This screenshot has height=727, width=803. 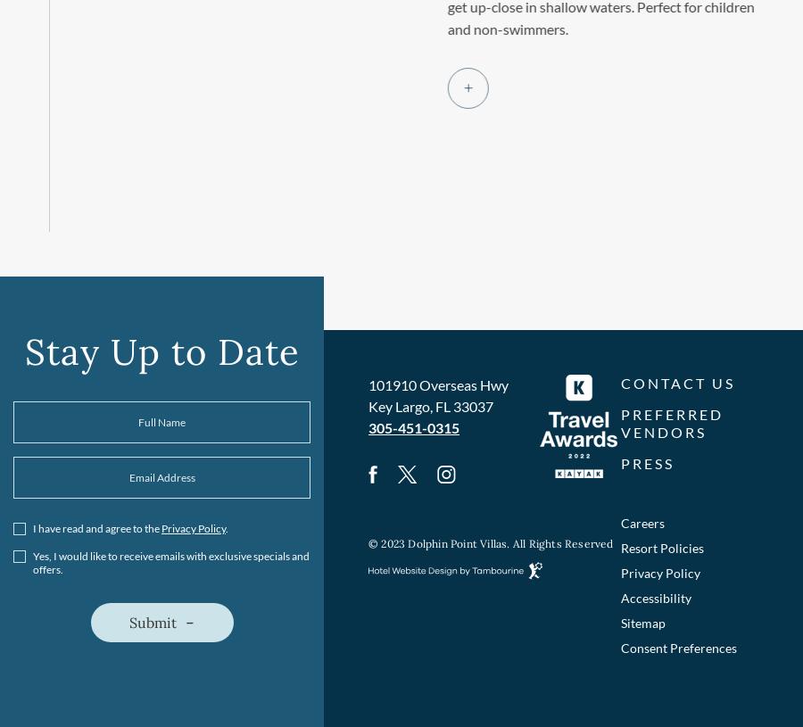 What do you see at coordinates (403, 87) in the screenshot?
I see `'Learn More'` at bounding box center [403, 87].